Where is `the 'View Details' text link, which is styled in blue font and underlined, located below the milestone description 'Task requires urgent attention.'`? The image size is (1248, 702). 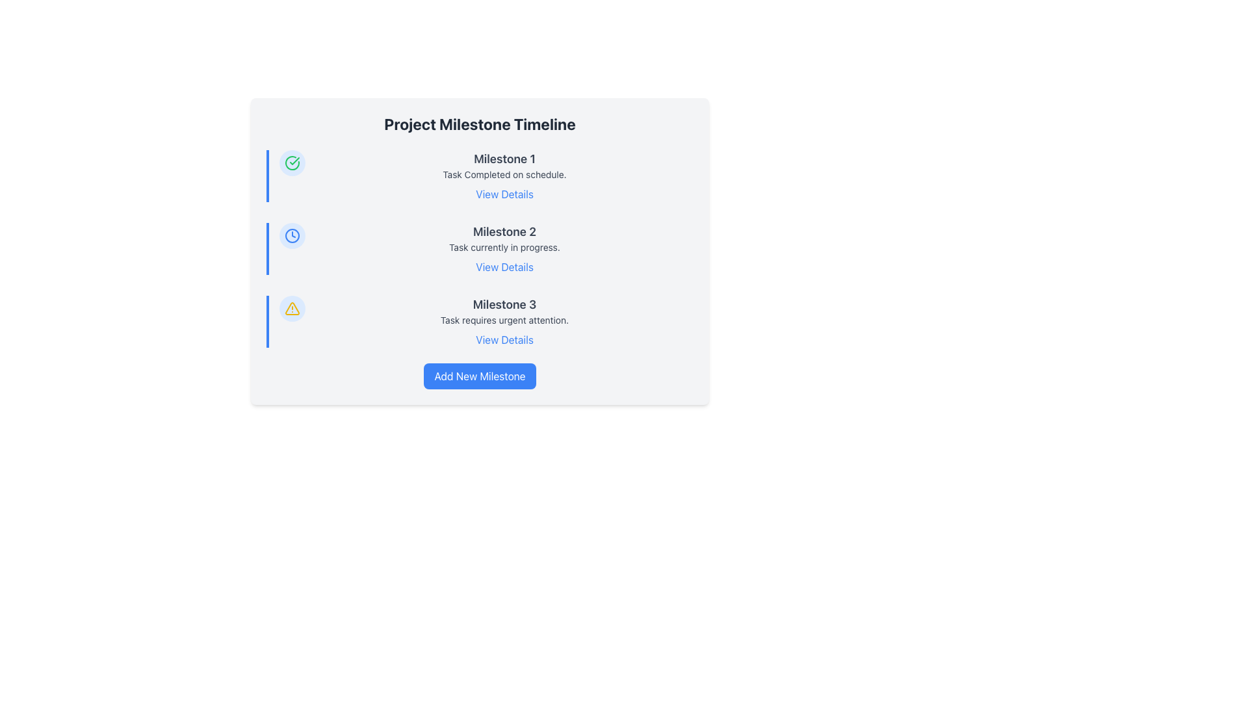 the 'View Details' text link, which is styled in blue font and underlined, located below the milestone description 'Task requires urgent attention.' is located at coordinates (504, 339).